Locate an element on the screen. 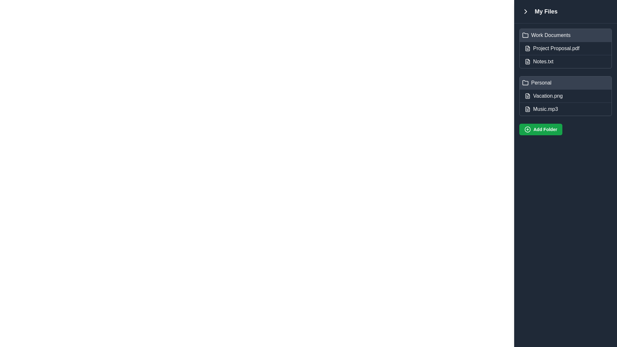  the rectangular outline icon representing the file 'Vacation.png' in the 'Personal' section of the file browser is located at coordinates (527, 96).